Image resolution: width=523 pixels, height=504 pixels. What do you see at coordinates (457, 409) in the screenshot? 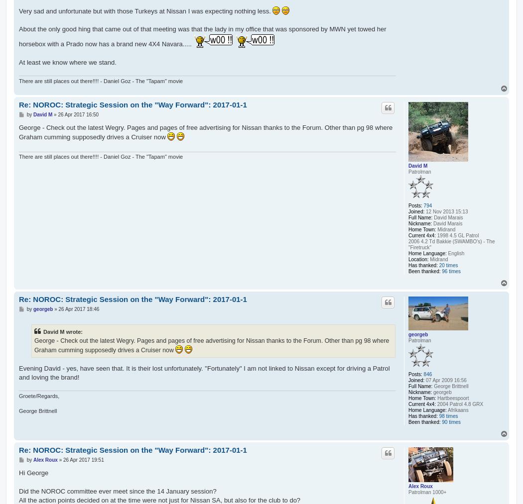
I see `'Afrikaans'` at bounding box center [457, 409].